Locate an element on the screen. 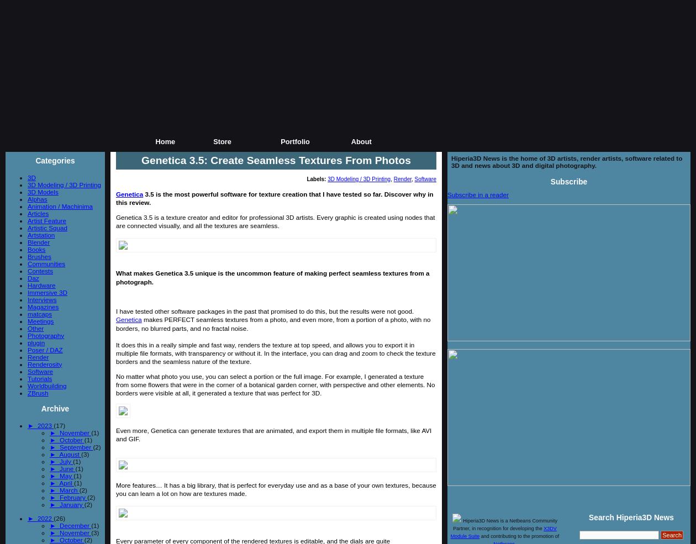  'December' is located at coordinates (59, 525).